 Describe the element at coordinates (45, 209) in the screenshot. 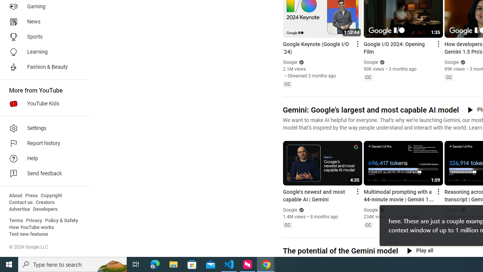

I see `'Developers'` at that location.